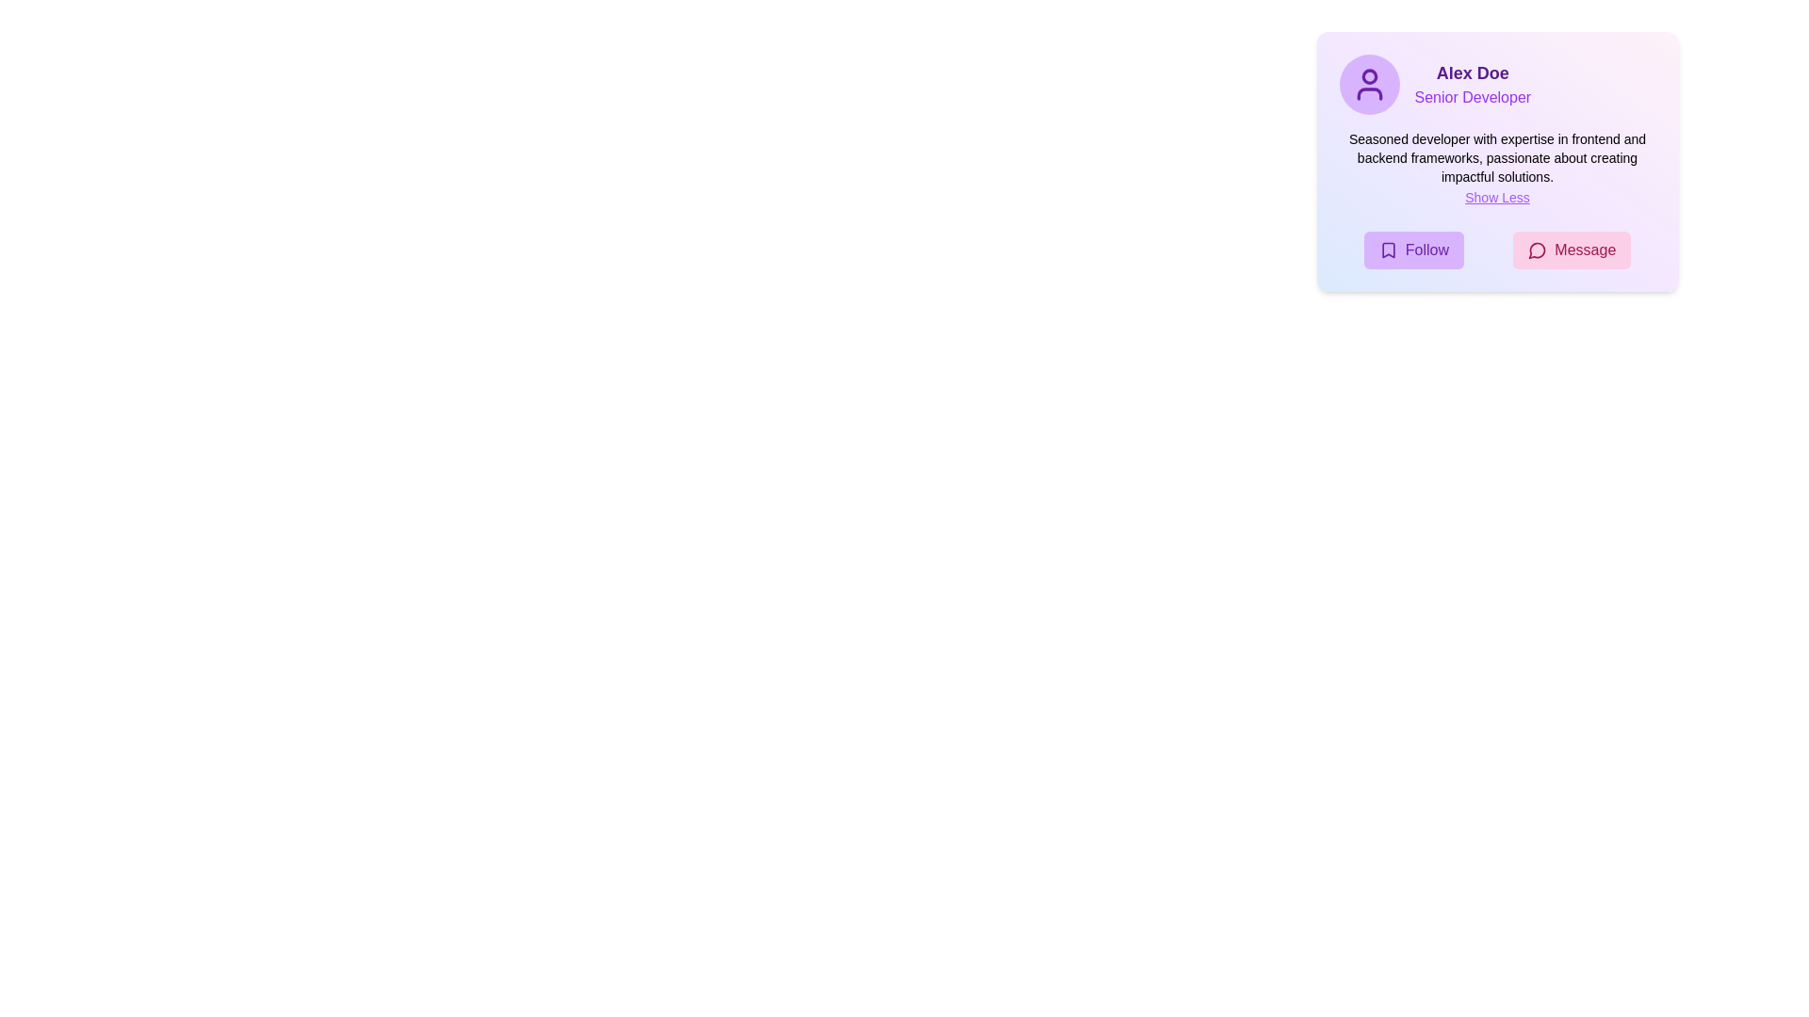 Image resolution: width=1809 pixels, height=1017 pixels. I want to click on the 'Follow' button with a purple background and bookmark icon, so click(1413, 250).